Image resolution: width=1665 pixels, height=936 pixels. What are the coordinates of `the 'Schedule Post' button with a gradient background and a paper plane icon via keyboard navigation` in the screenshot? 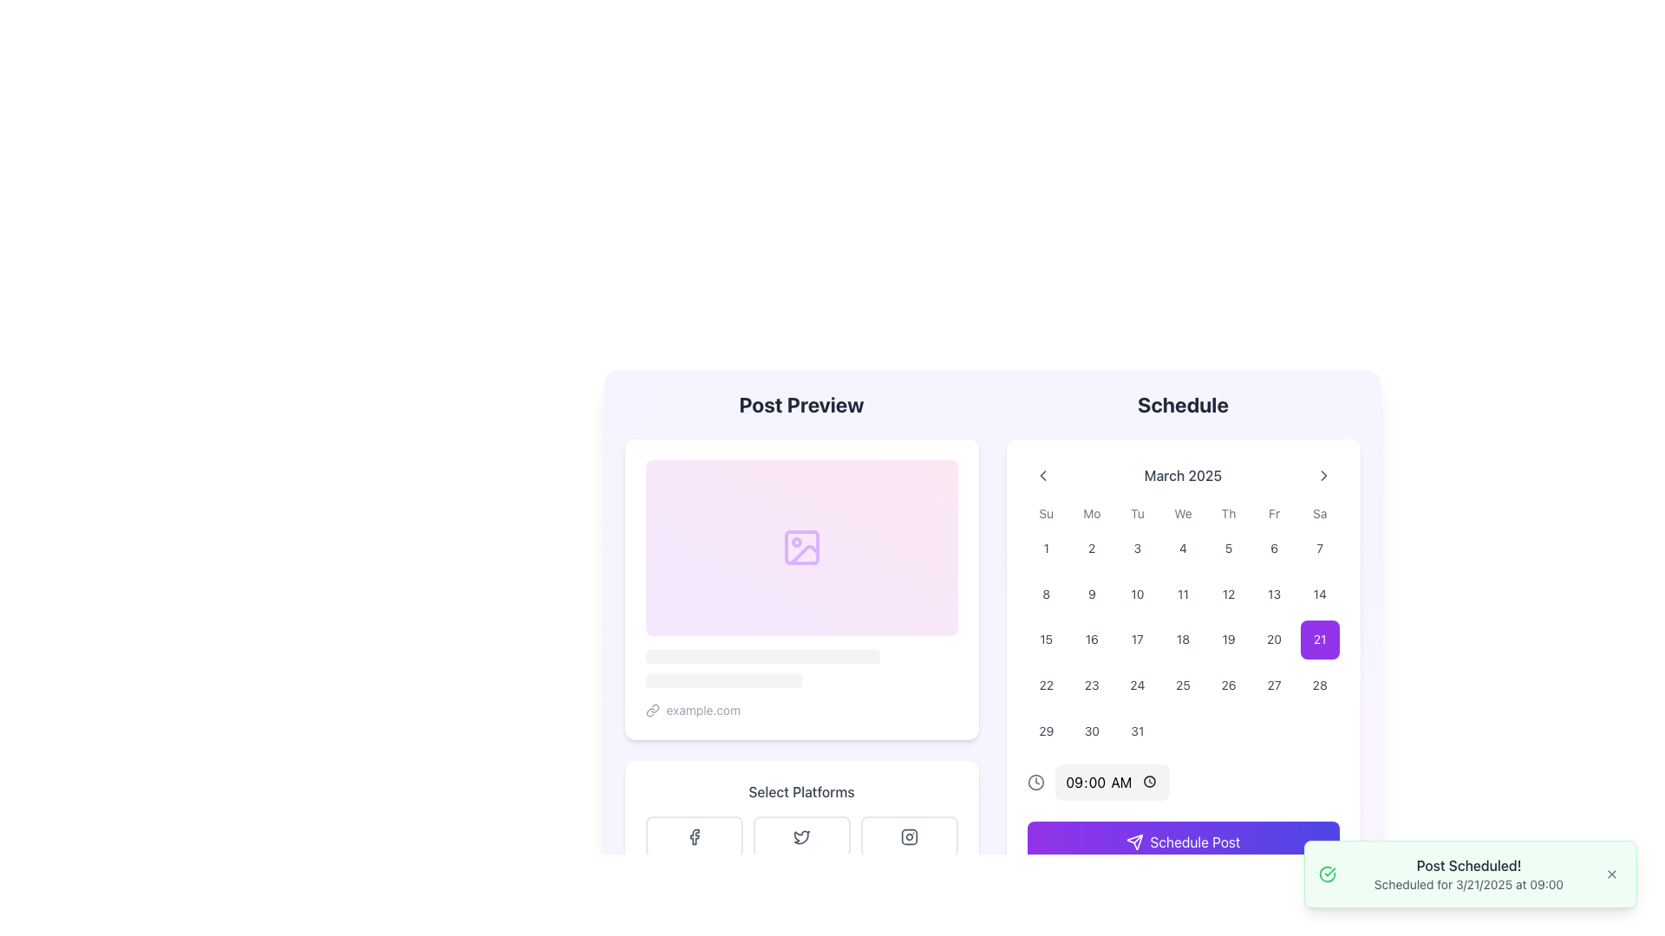 It's located at (1182, 841).